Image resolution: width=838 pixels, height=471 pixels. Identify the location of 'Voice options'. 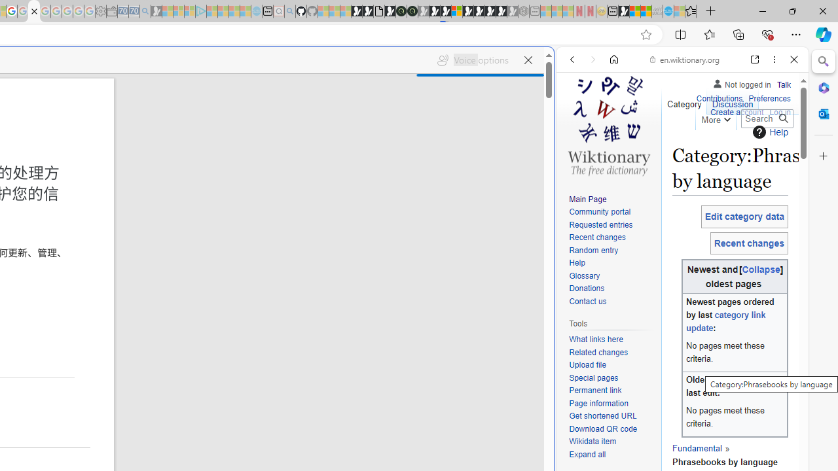
(471, 60).